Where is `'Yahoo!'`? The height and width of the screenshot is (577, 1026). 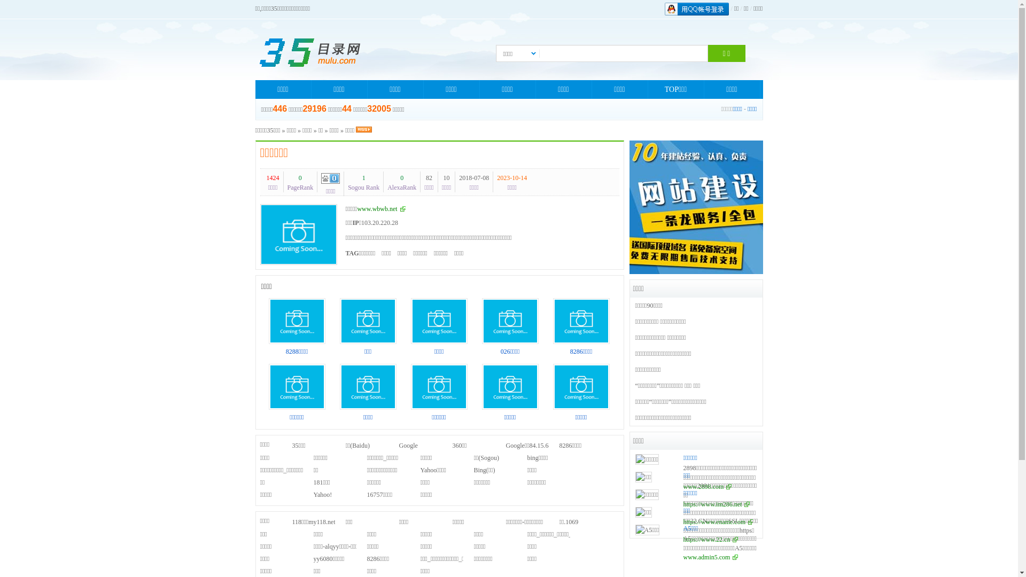 'Yahoo!' is located at coordinates (322, 494).